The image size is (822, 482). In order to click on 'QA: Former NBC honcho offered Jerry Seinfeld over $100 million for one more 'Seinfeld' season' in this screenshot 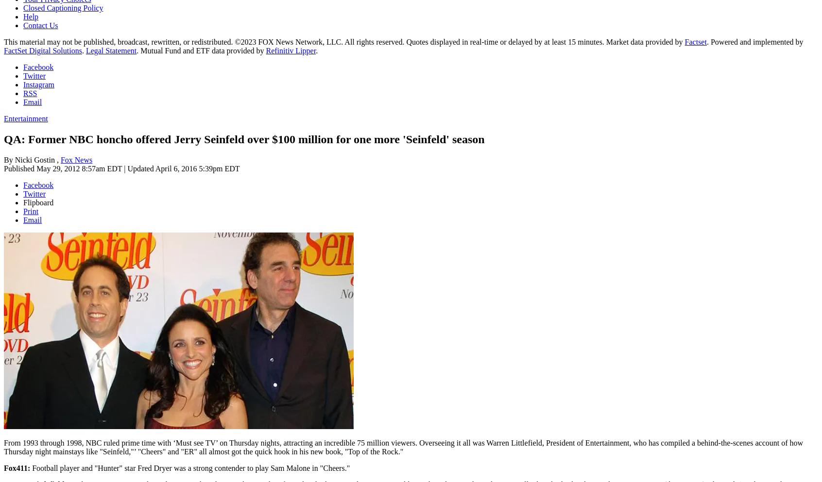, I will do `click(244, 138)`.